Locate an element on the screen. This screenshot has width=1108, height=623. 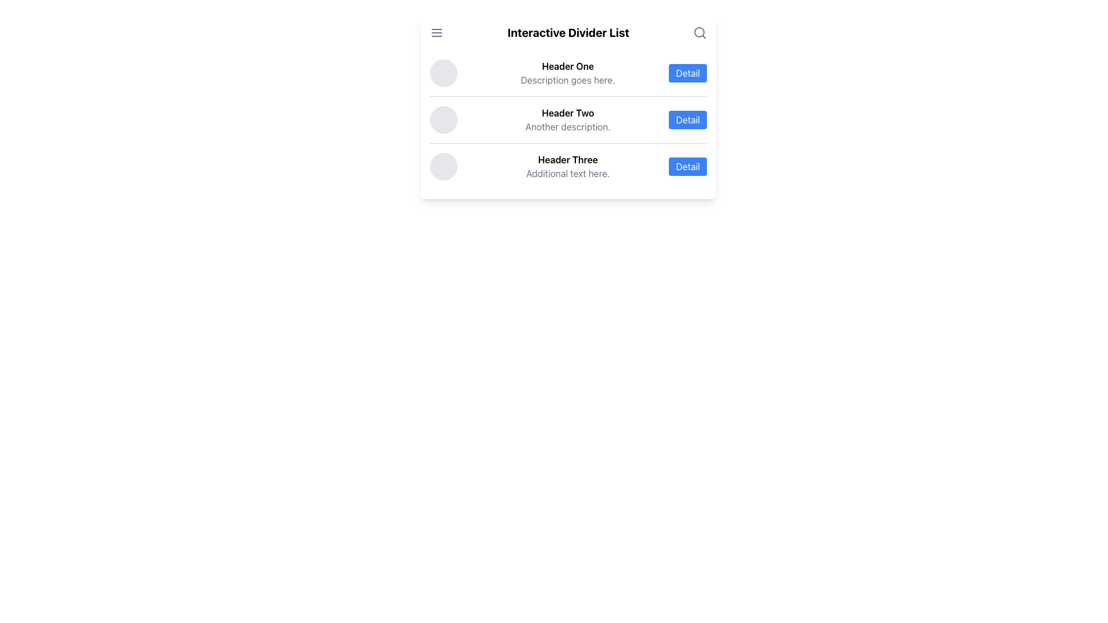
the 'Detail' button, which is a rounded rectangular button with a blue background and white text, located on the right side of the 'Header Two' section in the second row of the listed items is located at coordinates (688, 120).